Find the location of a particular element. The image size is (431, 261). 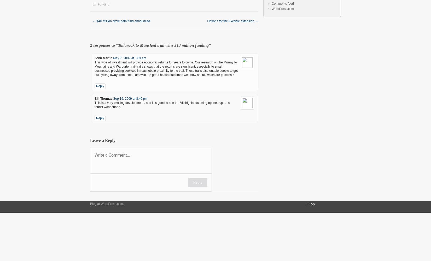

'2 responses to “' is located at coordinates (104, 45).